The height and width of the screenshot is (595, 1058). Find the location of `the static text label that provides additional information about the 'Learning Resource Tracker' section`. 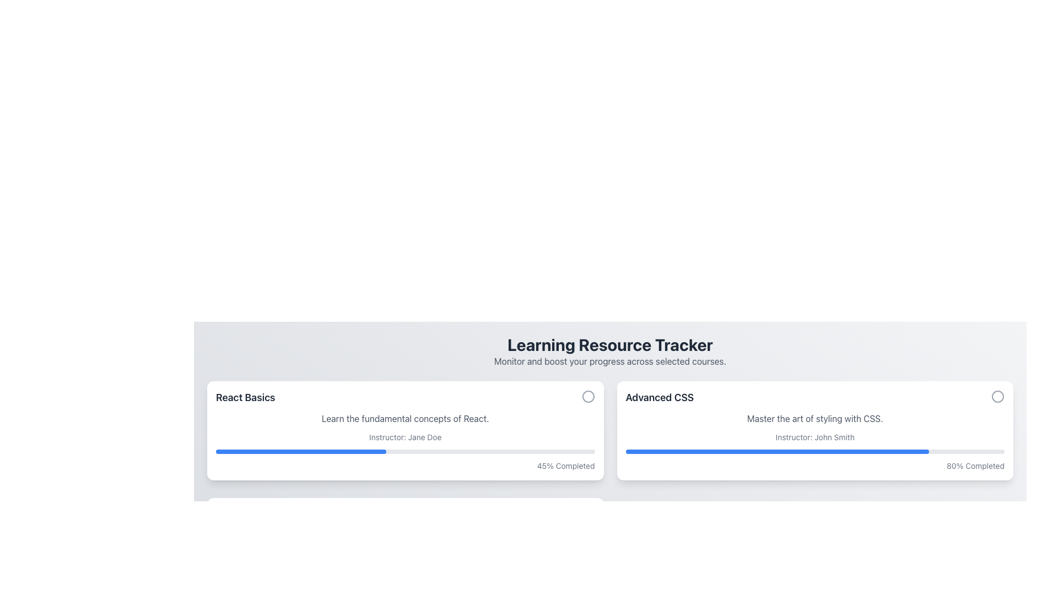

the static text label that provides additional information about the 'Learning Resource Tracker' section is located at coordinates (609, 361).